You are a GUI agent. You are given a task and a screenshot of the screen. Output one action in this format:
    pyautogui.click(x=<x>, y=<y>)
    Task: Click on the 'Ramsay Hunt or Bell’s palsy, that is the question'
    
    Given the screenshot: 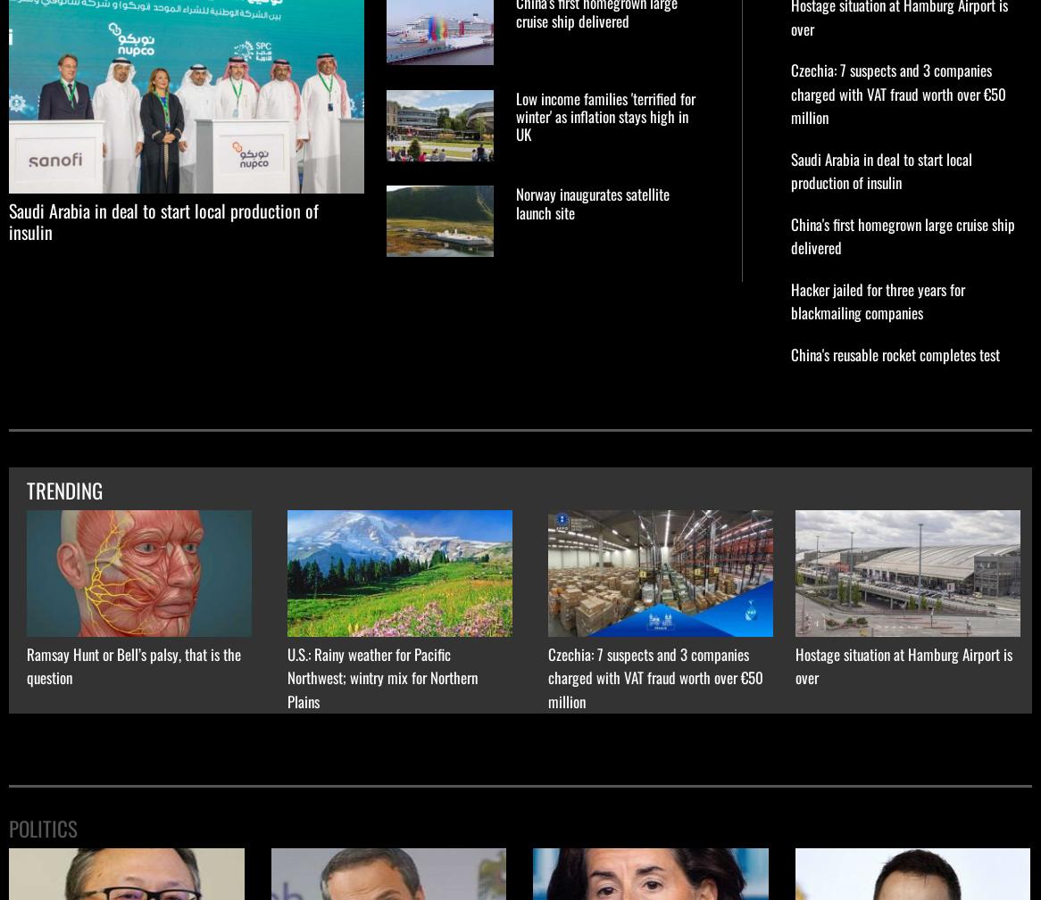 What is the action you would take?
    pyautogui.click(x=133, y=665)
    